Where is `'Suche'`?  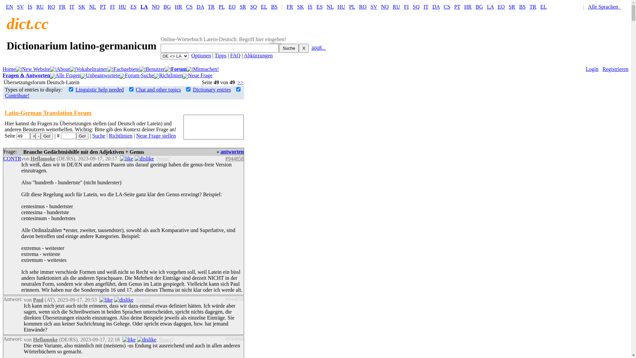 'Suche' is located at coordinates (98, 135).